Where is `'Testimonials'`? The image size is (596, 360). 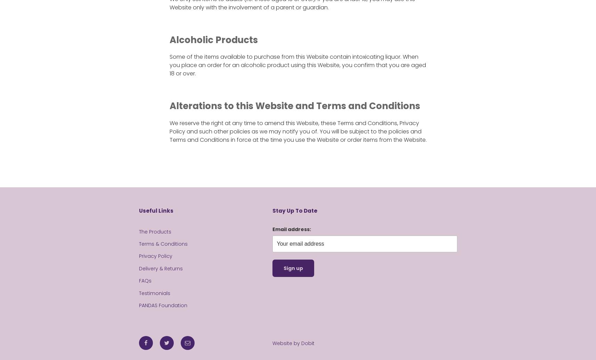
'Testimonials' is located at coordinates (154, 293).